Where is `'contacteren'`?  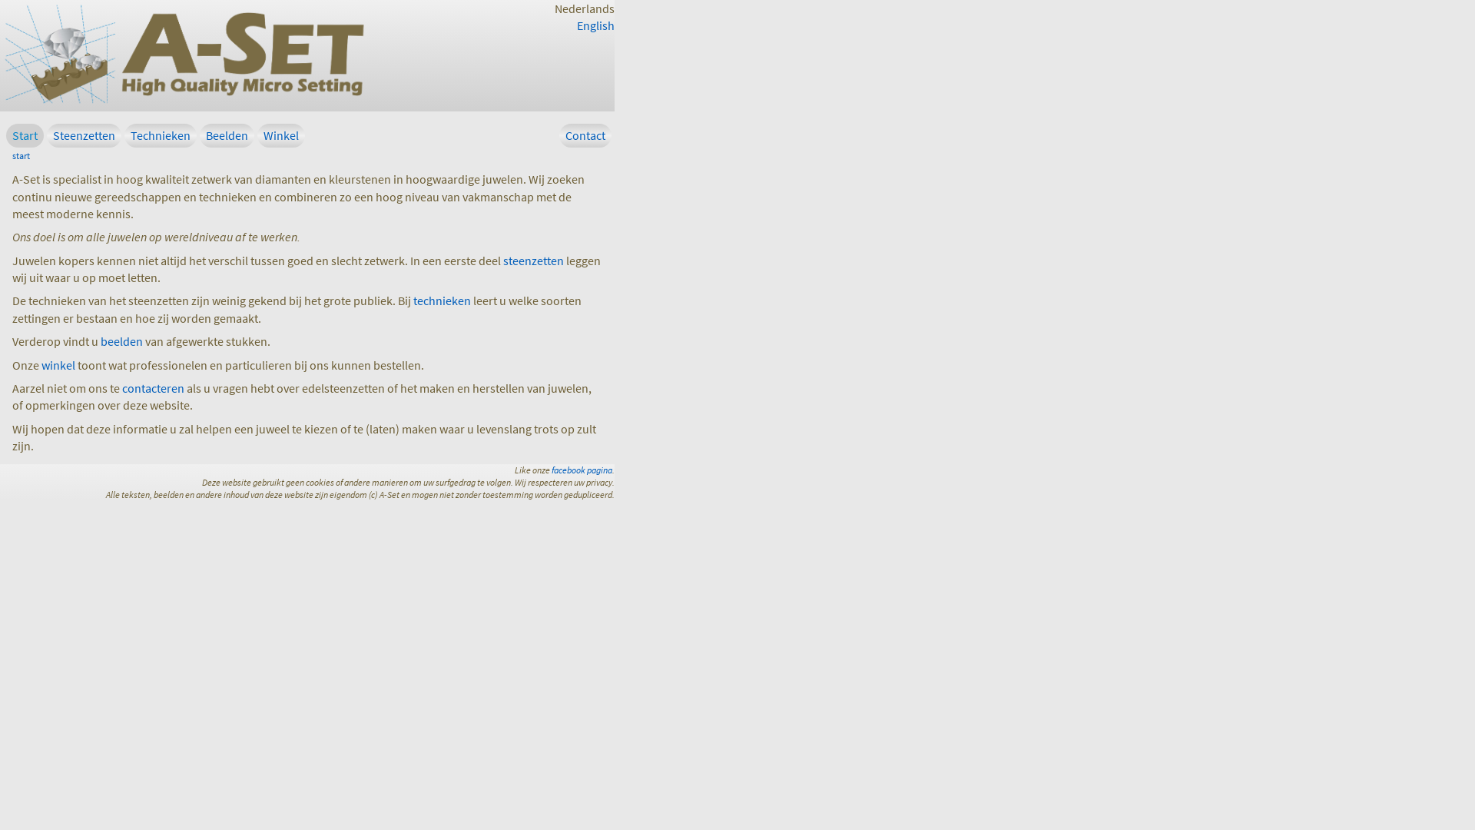 'contacteren' is located at coordinates (121, 387).